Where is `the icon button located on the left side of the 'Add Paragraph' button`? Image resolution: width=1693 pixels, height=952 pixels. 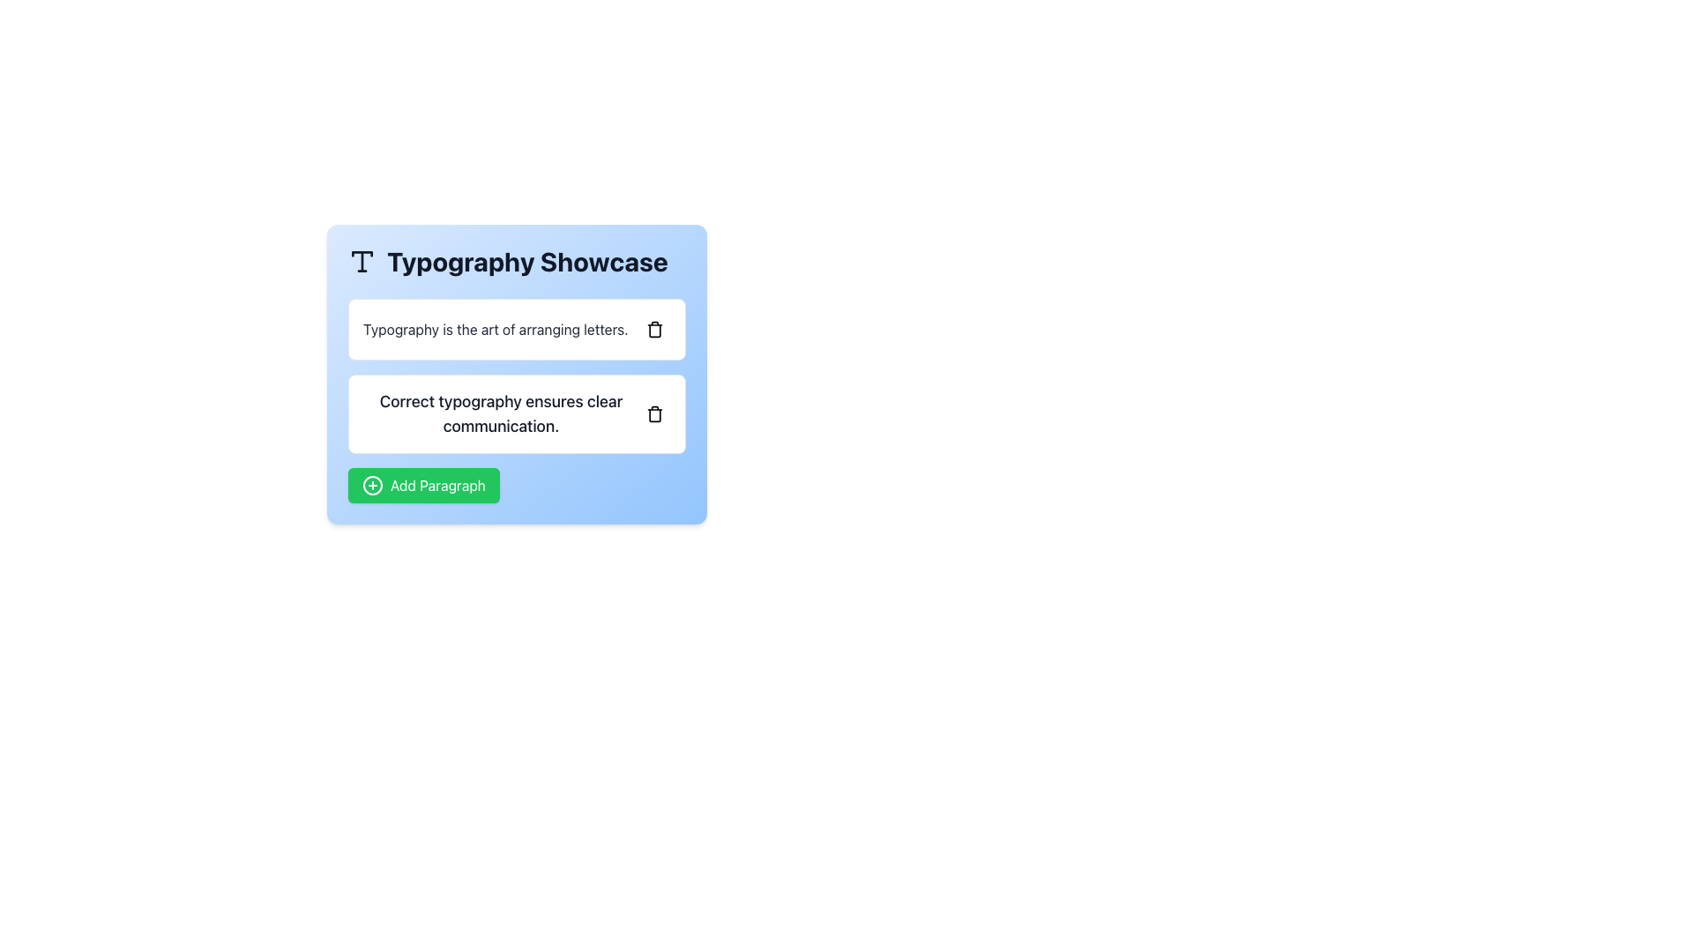 the icon button located on the left side of the 'Add Paragraph' button is located at coordinates (371, 486).